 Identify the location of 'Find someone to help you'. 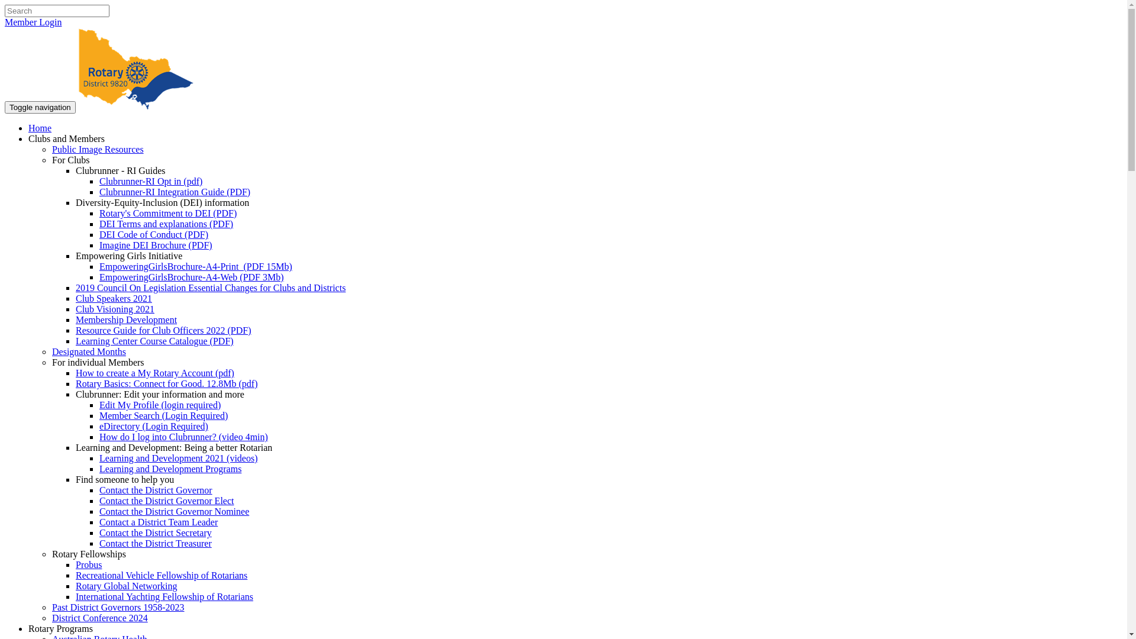
(125, 479).